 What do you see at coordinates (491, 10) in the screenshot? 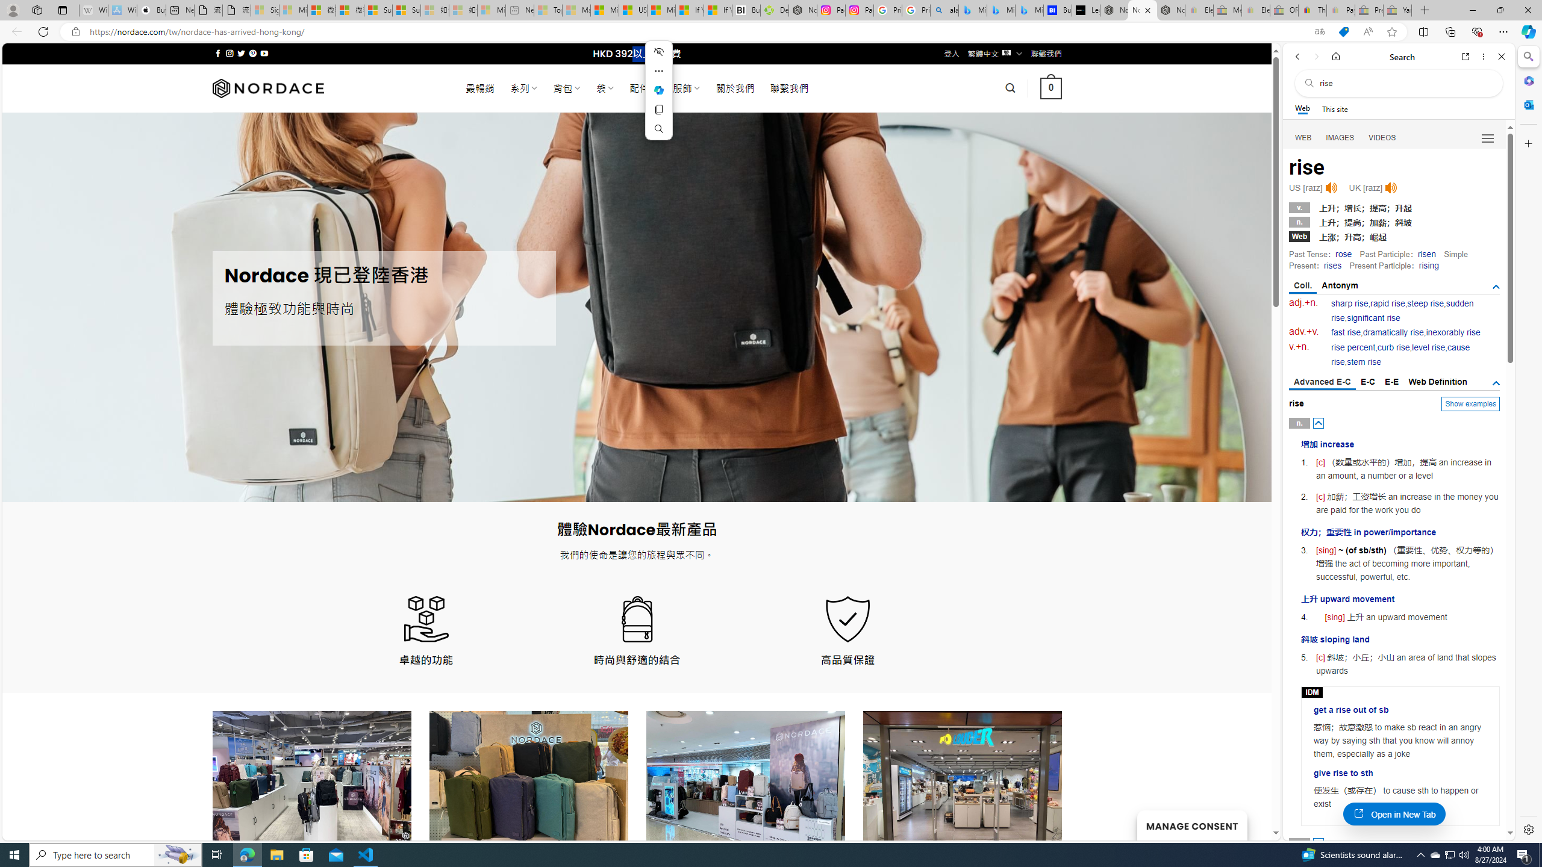
I see `'Microsoft account | Account Checkup - Sleeping'` at bounding box center [491, 10].